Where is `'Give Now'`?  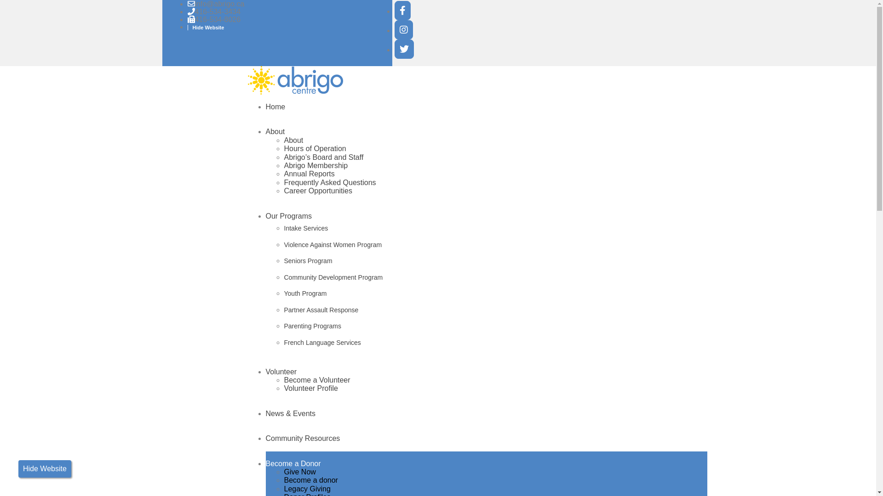
'Give Now' is located at coordinates (284, 472).